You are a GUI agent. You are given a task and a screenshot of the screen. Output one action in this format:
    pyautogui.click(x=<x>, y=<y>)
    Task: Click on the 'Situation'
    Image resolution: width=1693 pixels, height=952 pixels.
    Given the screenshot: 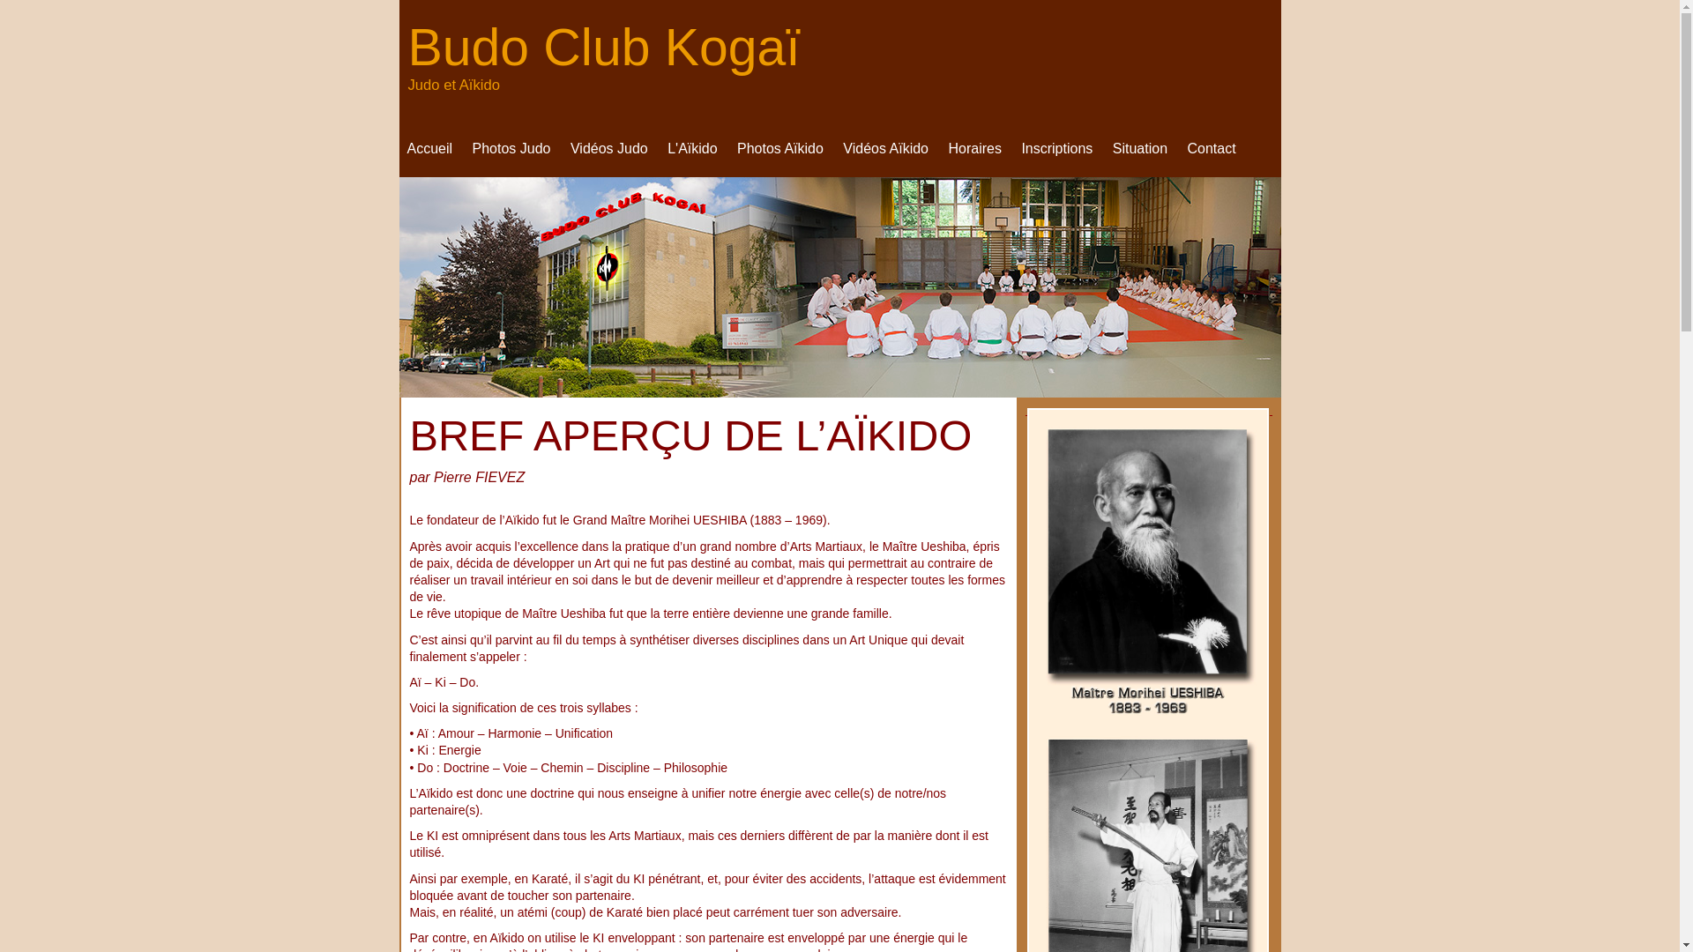 What is the action you would take?
    pyautogui.click(x=1139, y=144)
    